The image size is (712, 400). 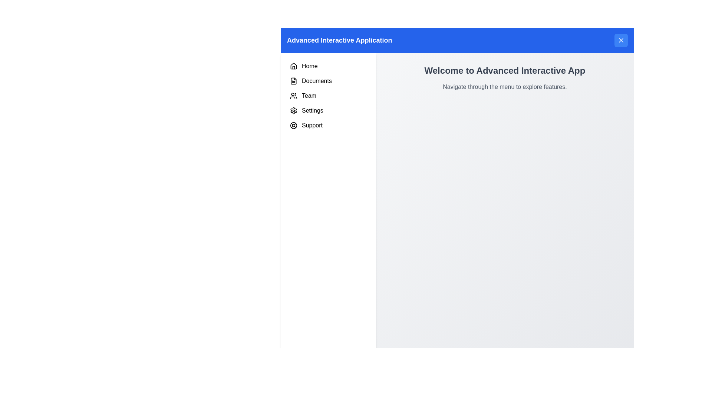 I want to click on the 'Settings' menu item, which is the fourth item in the vertical list on the left sidebar, following the 'Team' item and preceding the 'Support' item, so click(x=328, y=111).